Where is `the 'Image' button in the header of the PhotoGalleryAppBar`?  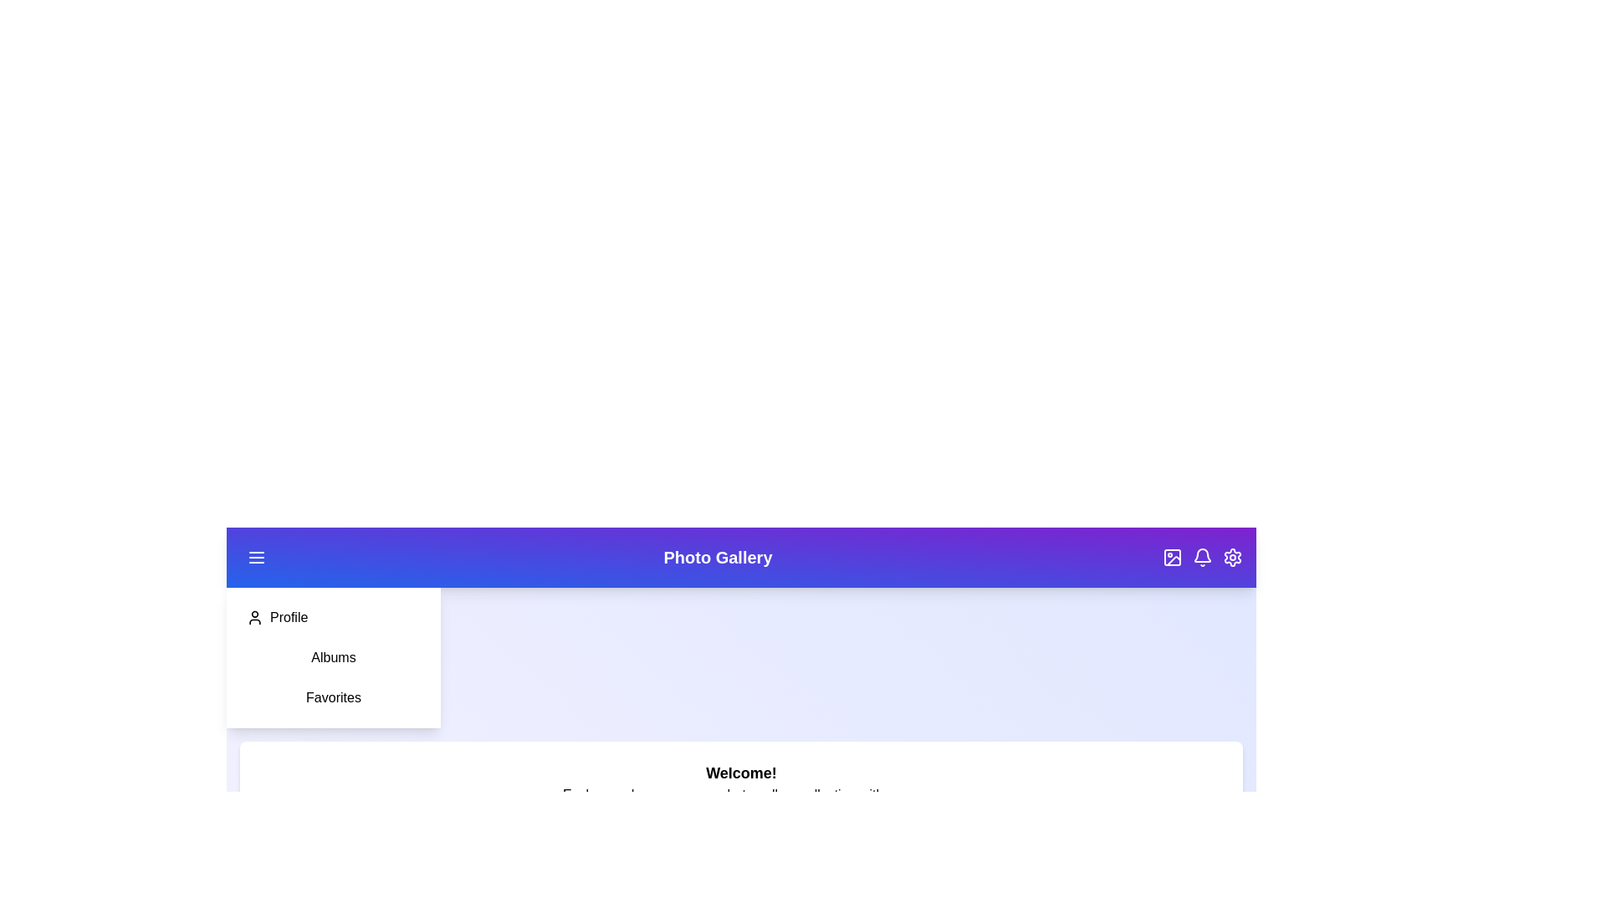 the 'Image' button in the header of the PhotoGalleryAppBar is located at coordinates (1171, 558).